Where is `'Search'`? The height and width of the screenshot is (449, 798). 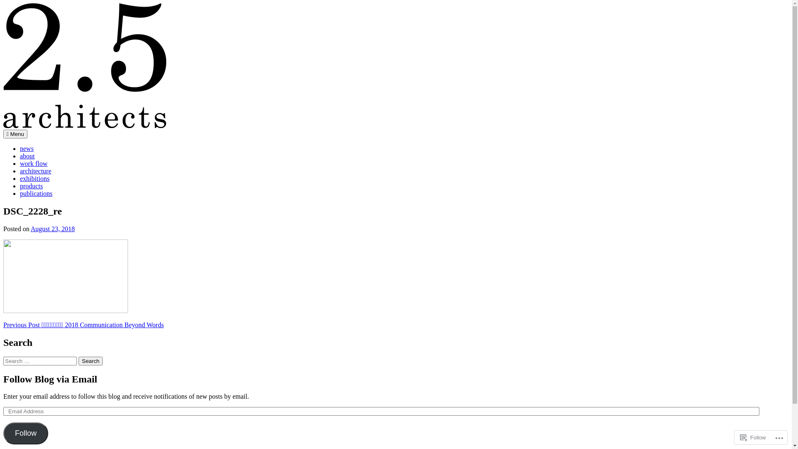 'Search' is located at coordinates (90, 360).